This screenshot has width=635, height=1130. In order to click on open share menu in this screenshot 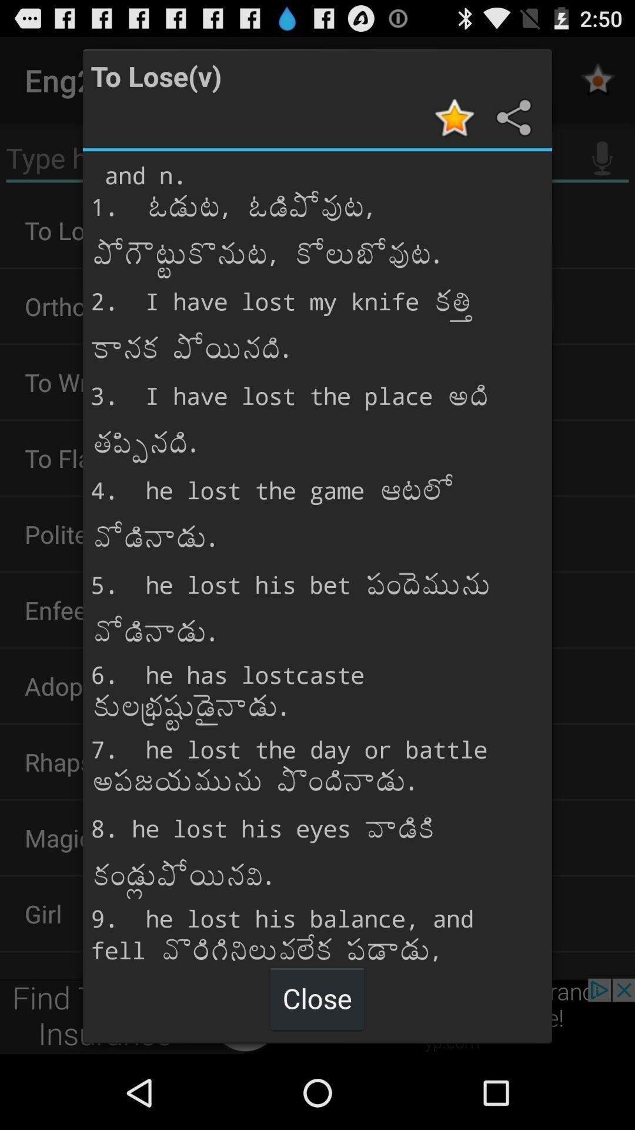, I will do `click(512, 117)`.